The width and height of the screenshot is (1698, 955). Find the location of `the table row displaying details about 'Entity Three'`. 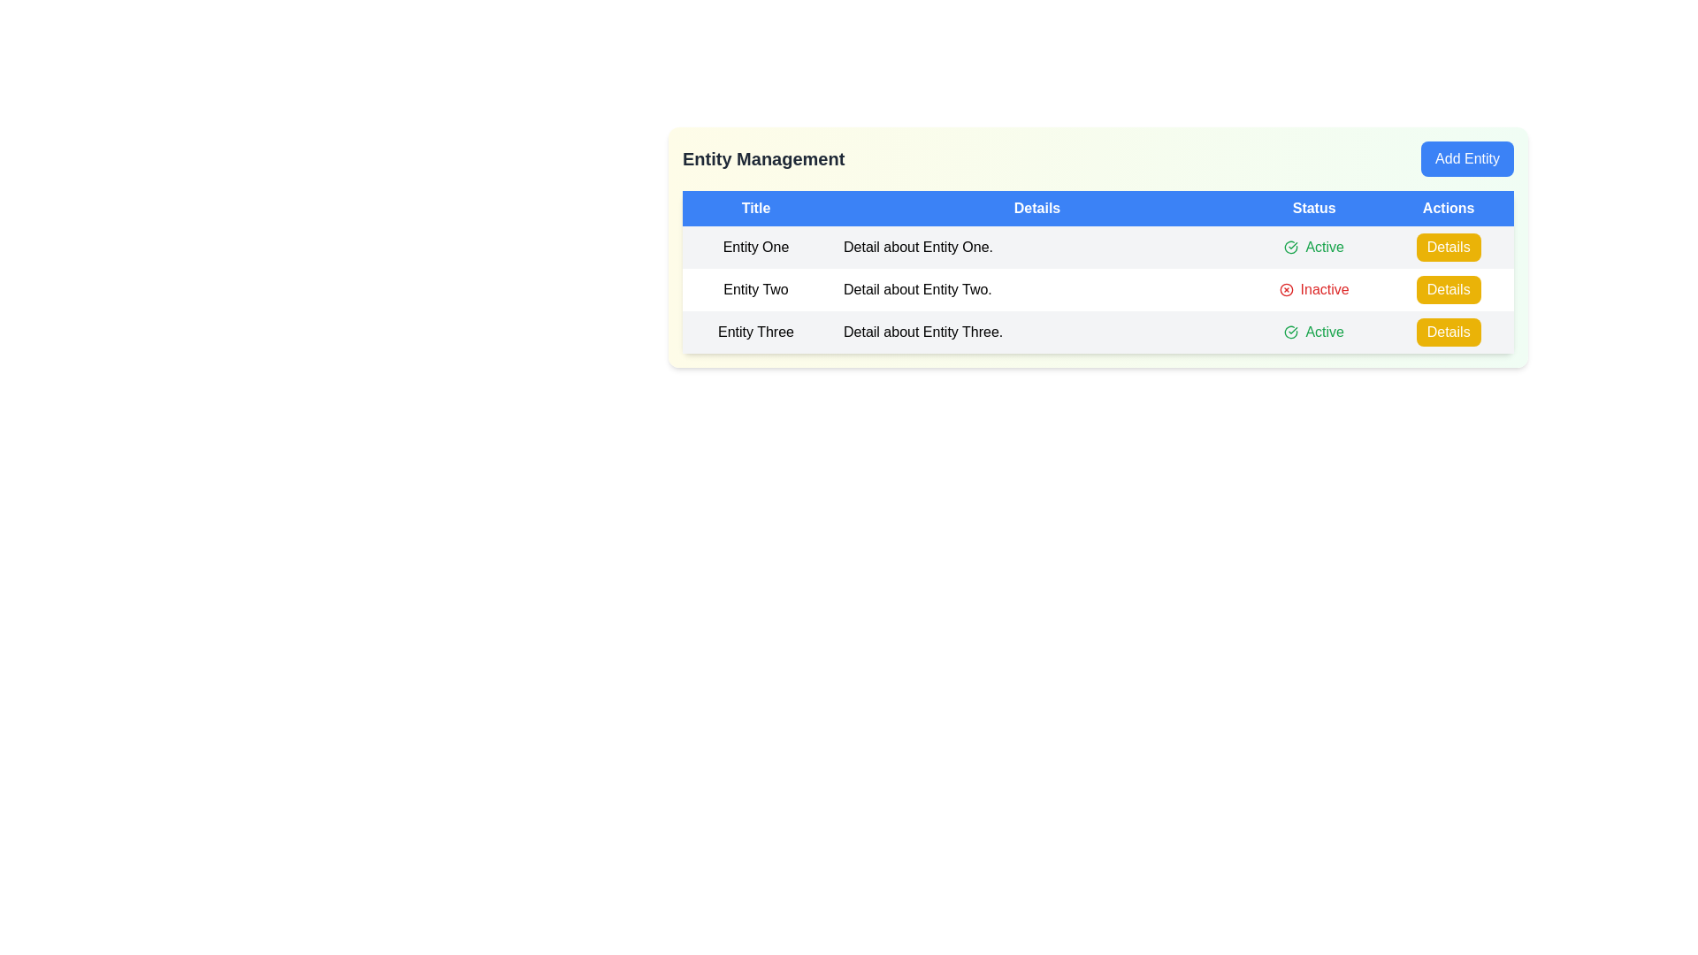

the table row displaying details about 'Entity Three' is located at coordinates (1098, 332).